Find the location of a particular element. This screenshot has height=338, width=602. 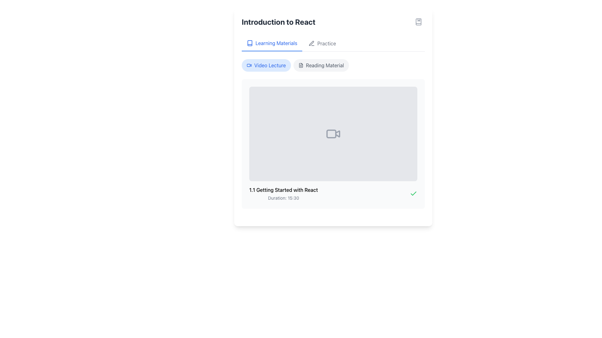

the text label 'Video Lecture' within the button component is located at coordinates (270, 65).